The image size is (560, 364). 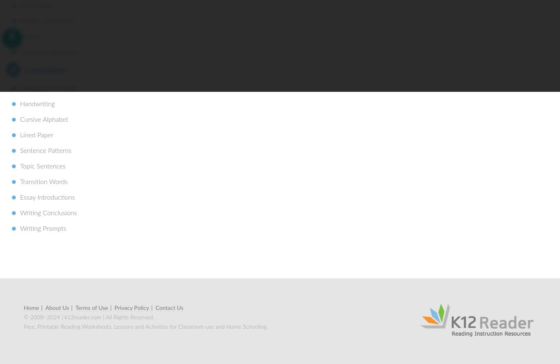 What do you see at coordinates (89, 316) in the screenshot?
I see `'© 2008–2024 | k12reader.com | All Rights Reserved.'` at bounding box center [89, 316].